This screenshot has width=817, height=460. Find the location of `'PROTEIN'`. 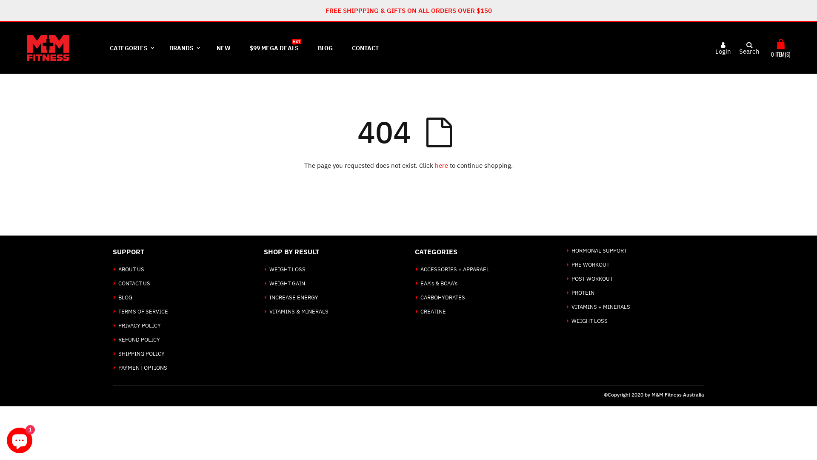

'PROTEIN' is located at coordinates (582, 292).